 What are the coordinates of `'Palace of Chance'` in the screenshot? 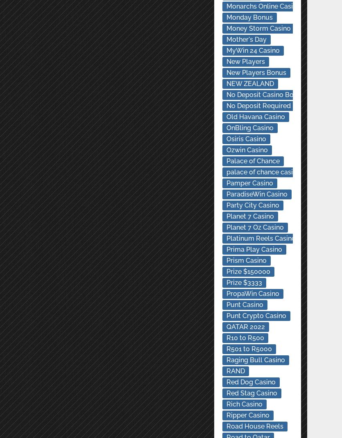 It's located at (252, 160).